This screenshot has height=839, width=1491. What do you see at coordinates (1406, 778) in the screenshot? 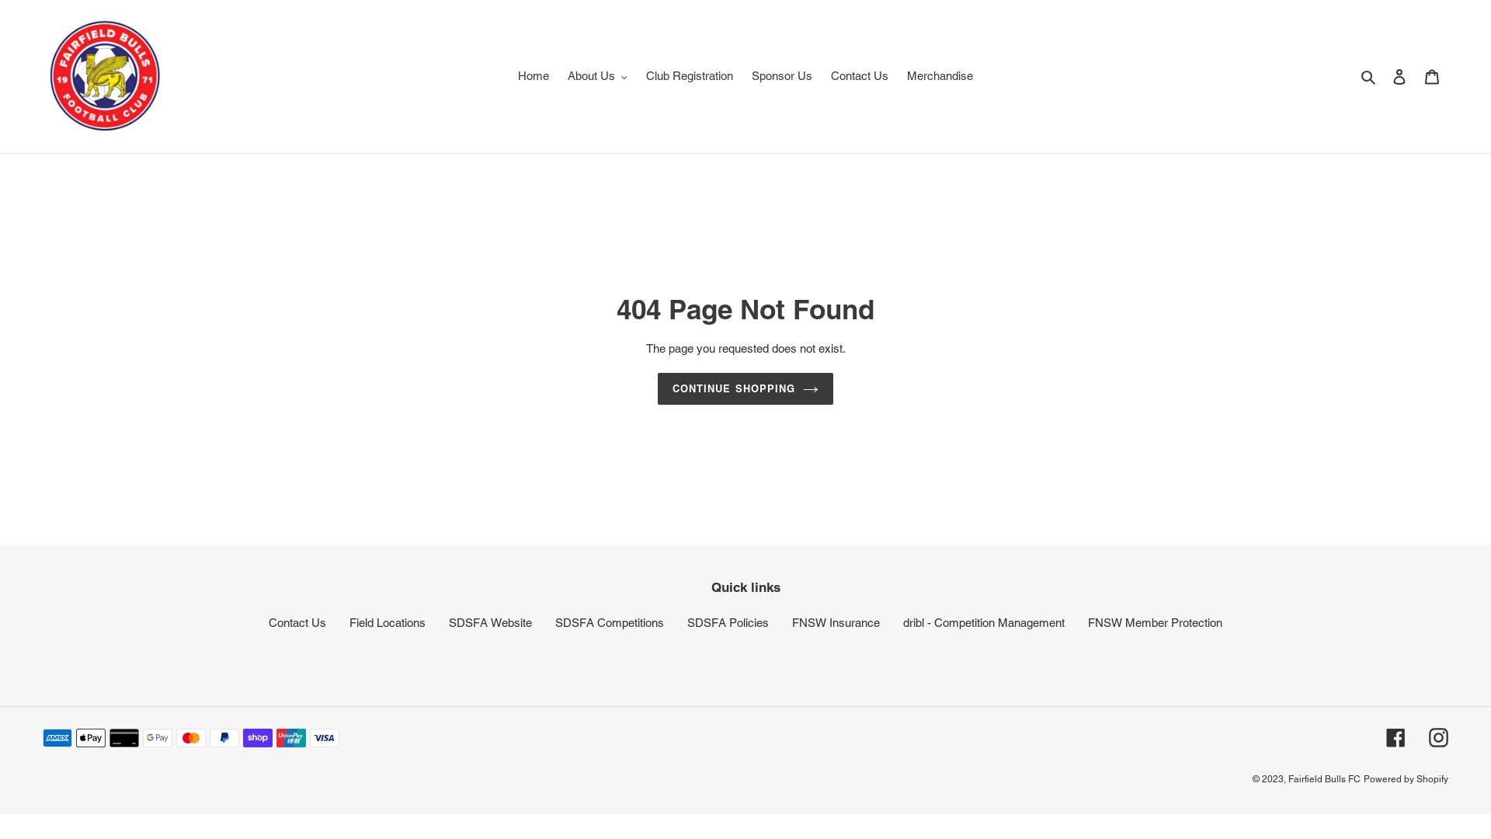
I see `'Powered by Shopify'` at bounding box center [1406, 778].